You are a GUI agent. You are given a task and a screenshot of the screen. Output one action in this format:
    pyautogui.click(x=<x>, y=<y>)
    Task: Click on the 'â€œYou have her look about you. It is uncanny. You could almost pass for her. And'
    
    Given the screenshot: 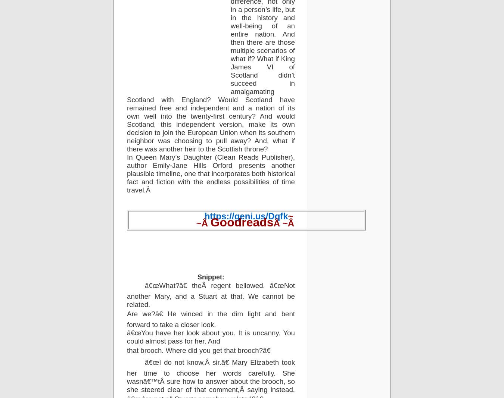 What is the action you would take?
    pyautogui.click(x=127, y=336)
    